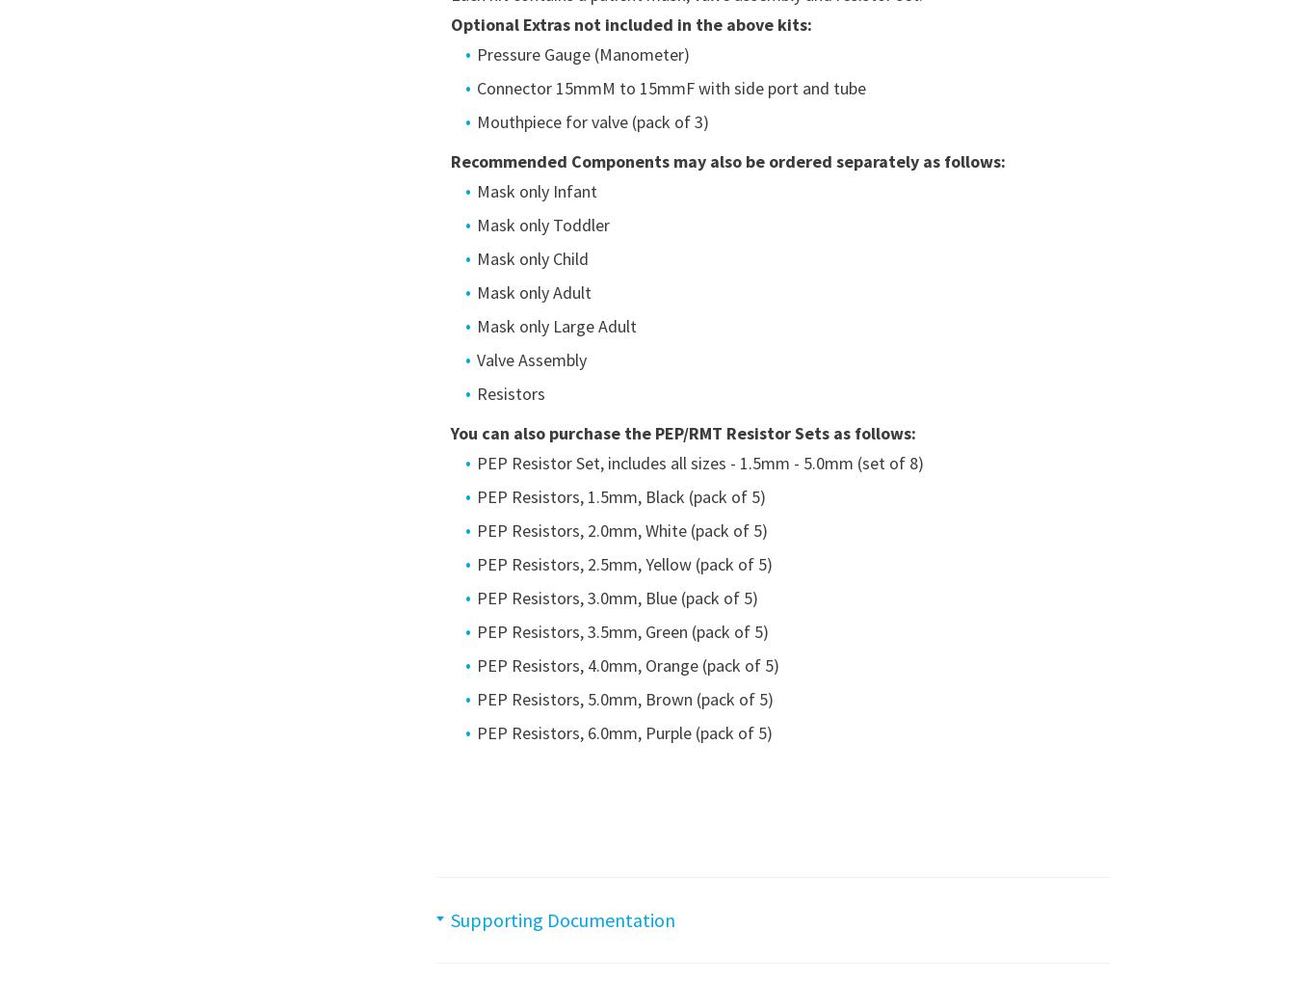 This screenshot has width=1316, height=984. Describe the element at coordinates (450, 918) in the screenshot. I see `'Supporting Documentation'` at that location.